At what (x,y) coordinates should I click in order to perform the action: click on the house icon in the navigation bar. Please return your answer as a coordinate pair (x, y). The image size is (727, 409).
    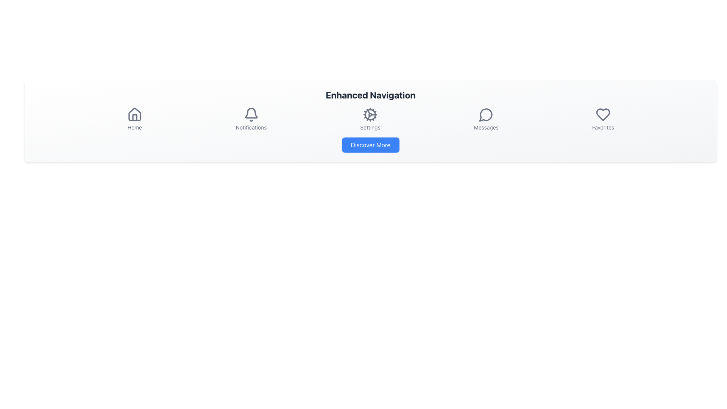
    Looking at the image, I should click on (134, 114).